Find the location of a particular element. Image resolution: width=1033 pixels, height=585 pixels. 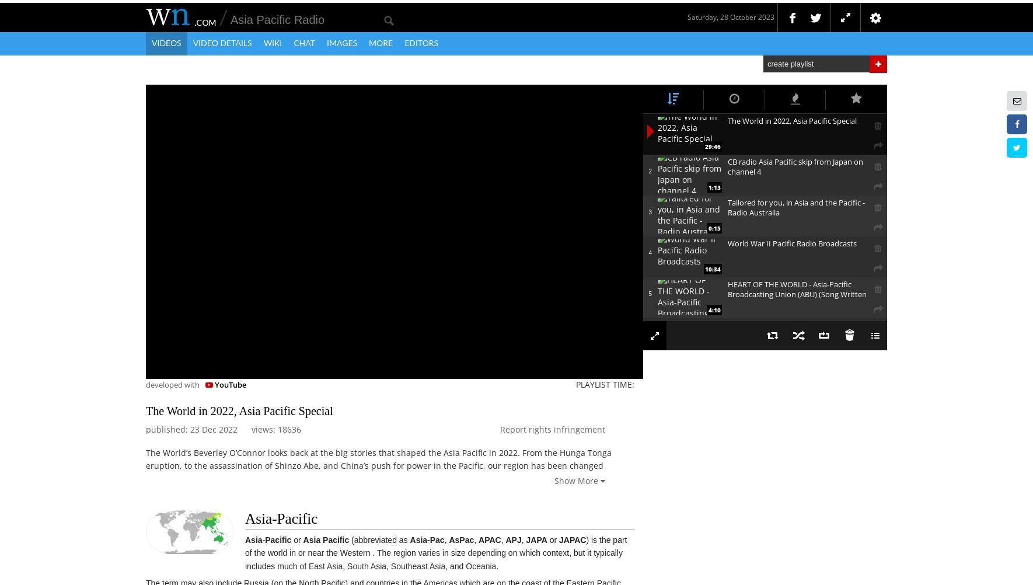

'clear playlist' is located at coordinates (857, 358).